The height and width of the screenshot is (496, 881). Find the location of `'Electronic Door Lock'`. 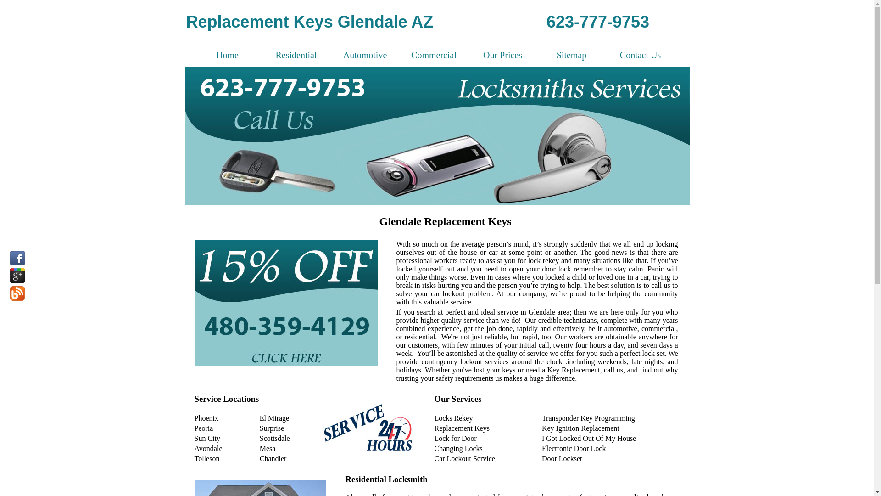

'Electronic Door Lock' is located at coordinates (574, 448).